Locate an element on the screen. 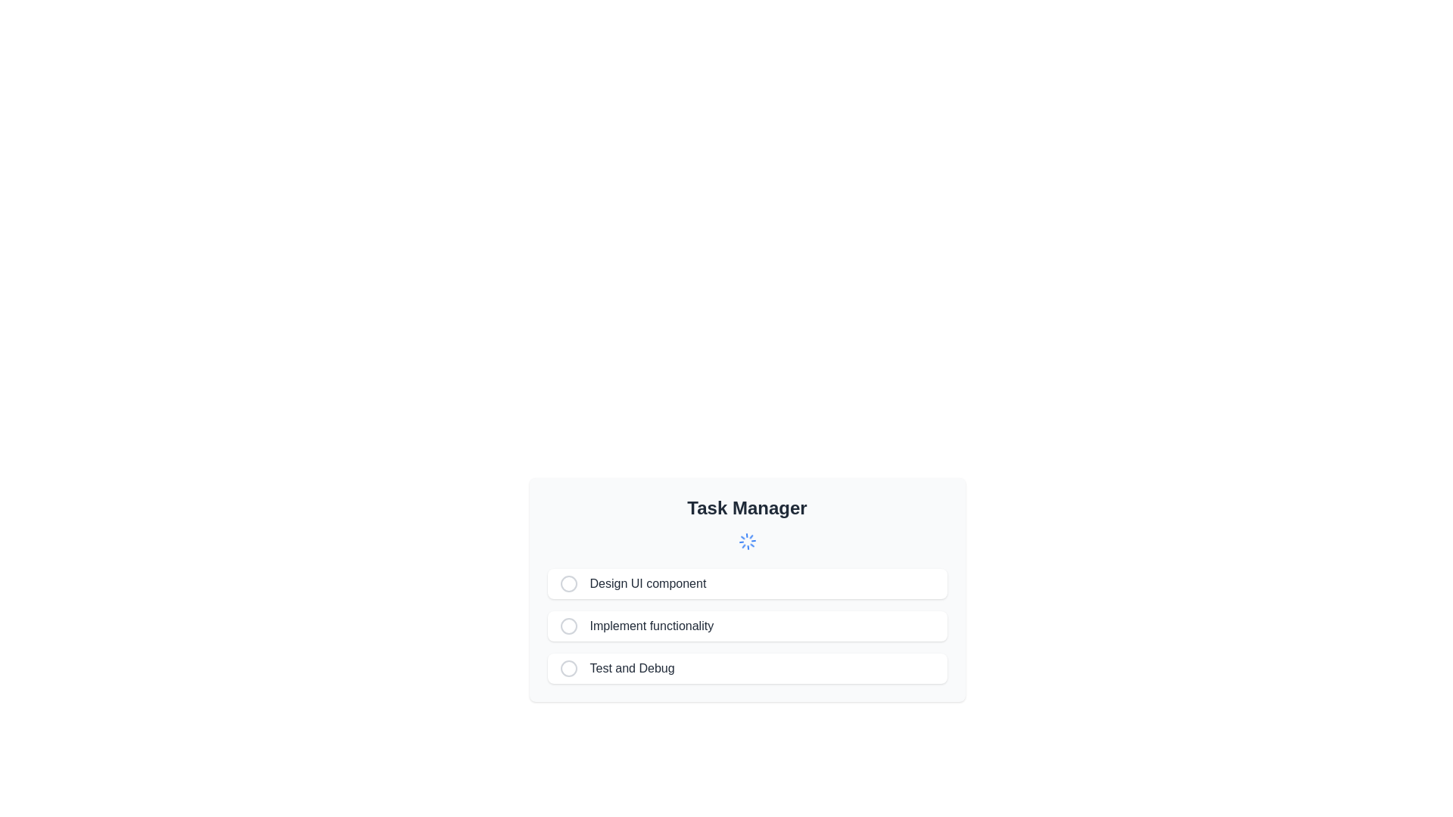  the circular indicator representing an unfilled checkbox is located at coordinates (568, 626).